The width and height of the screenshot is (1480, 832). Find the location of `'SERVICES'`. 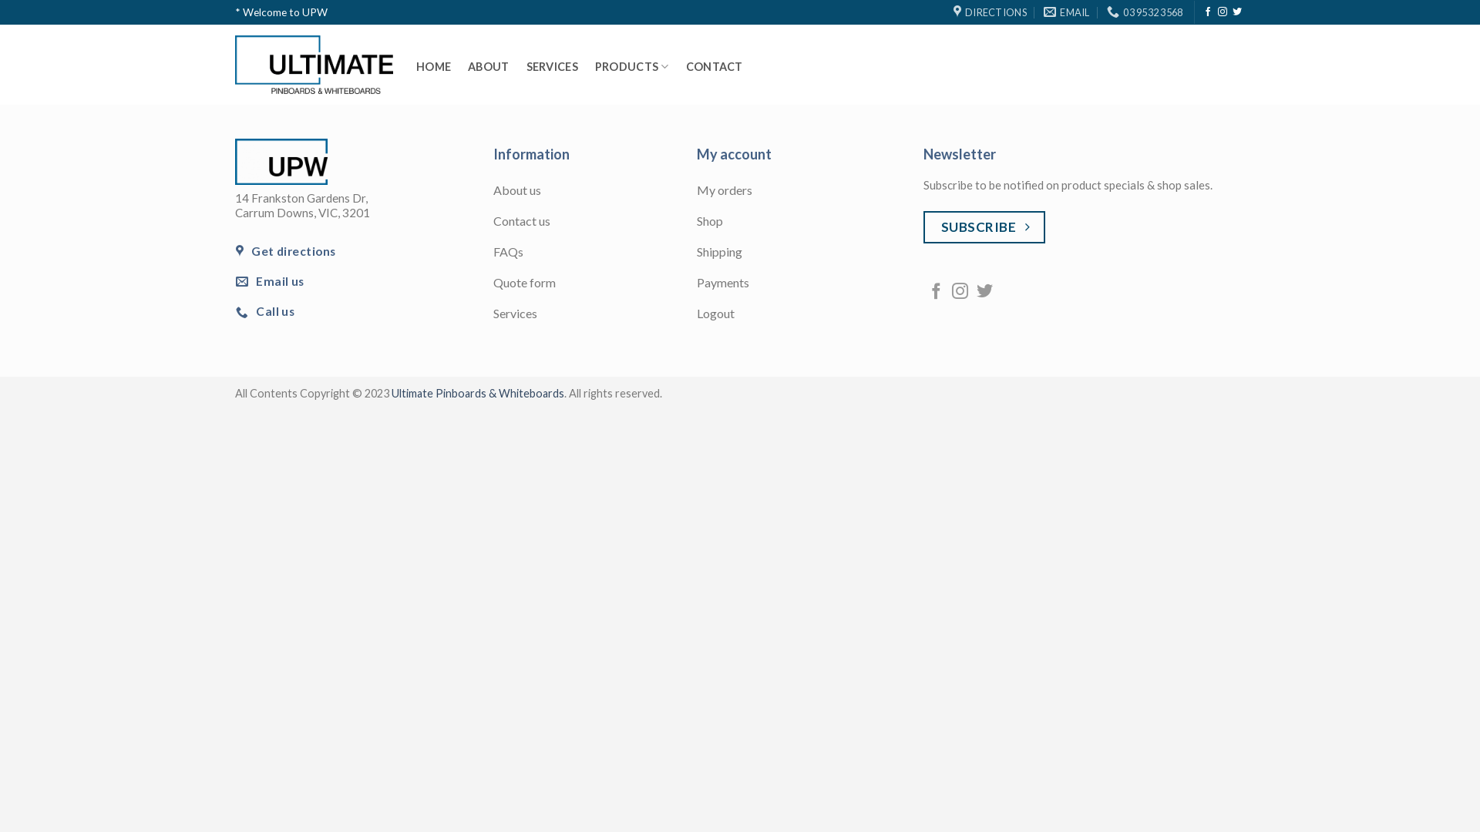

'SERVICES' is located at coordinates (552, 66).